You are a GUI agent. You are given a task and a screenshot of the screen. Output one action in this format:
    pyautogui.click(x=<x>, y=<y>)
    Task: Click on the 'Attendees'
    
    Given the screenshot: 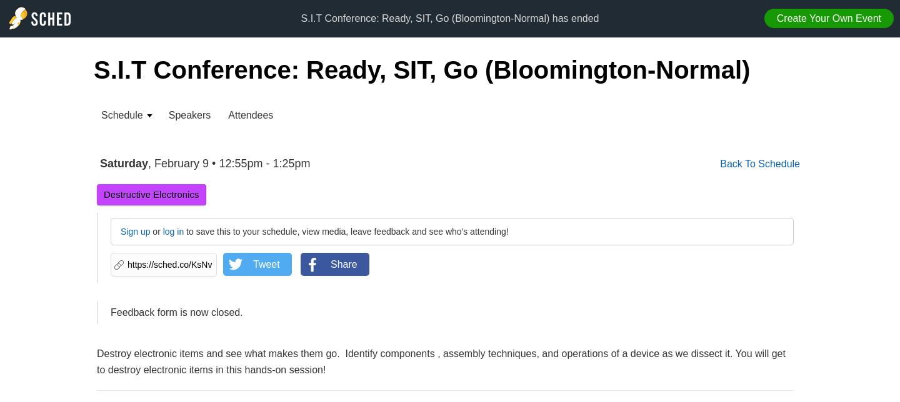 What is the action you would take?
    pyautogui.click(x=227, y=115)
    